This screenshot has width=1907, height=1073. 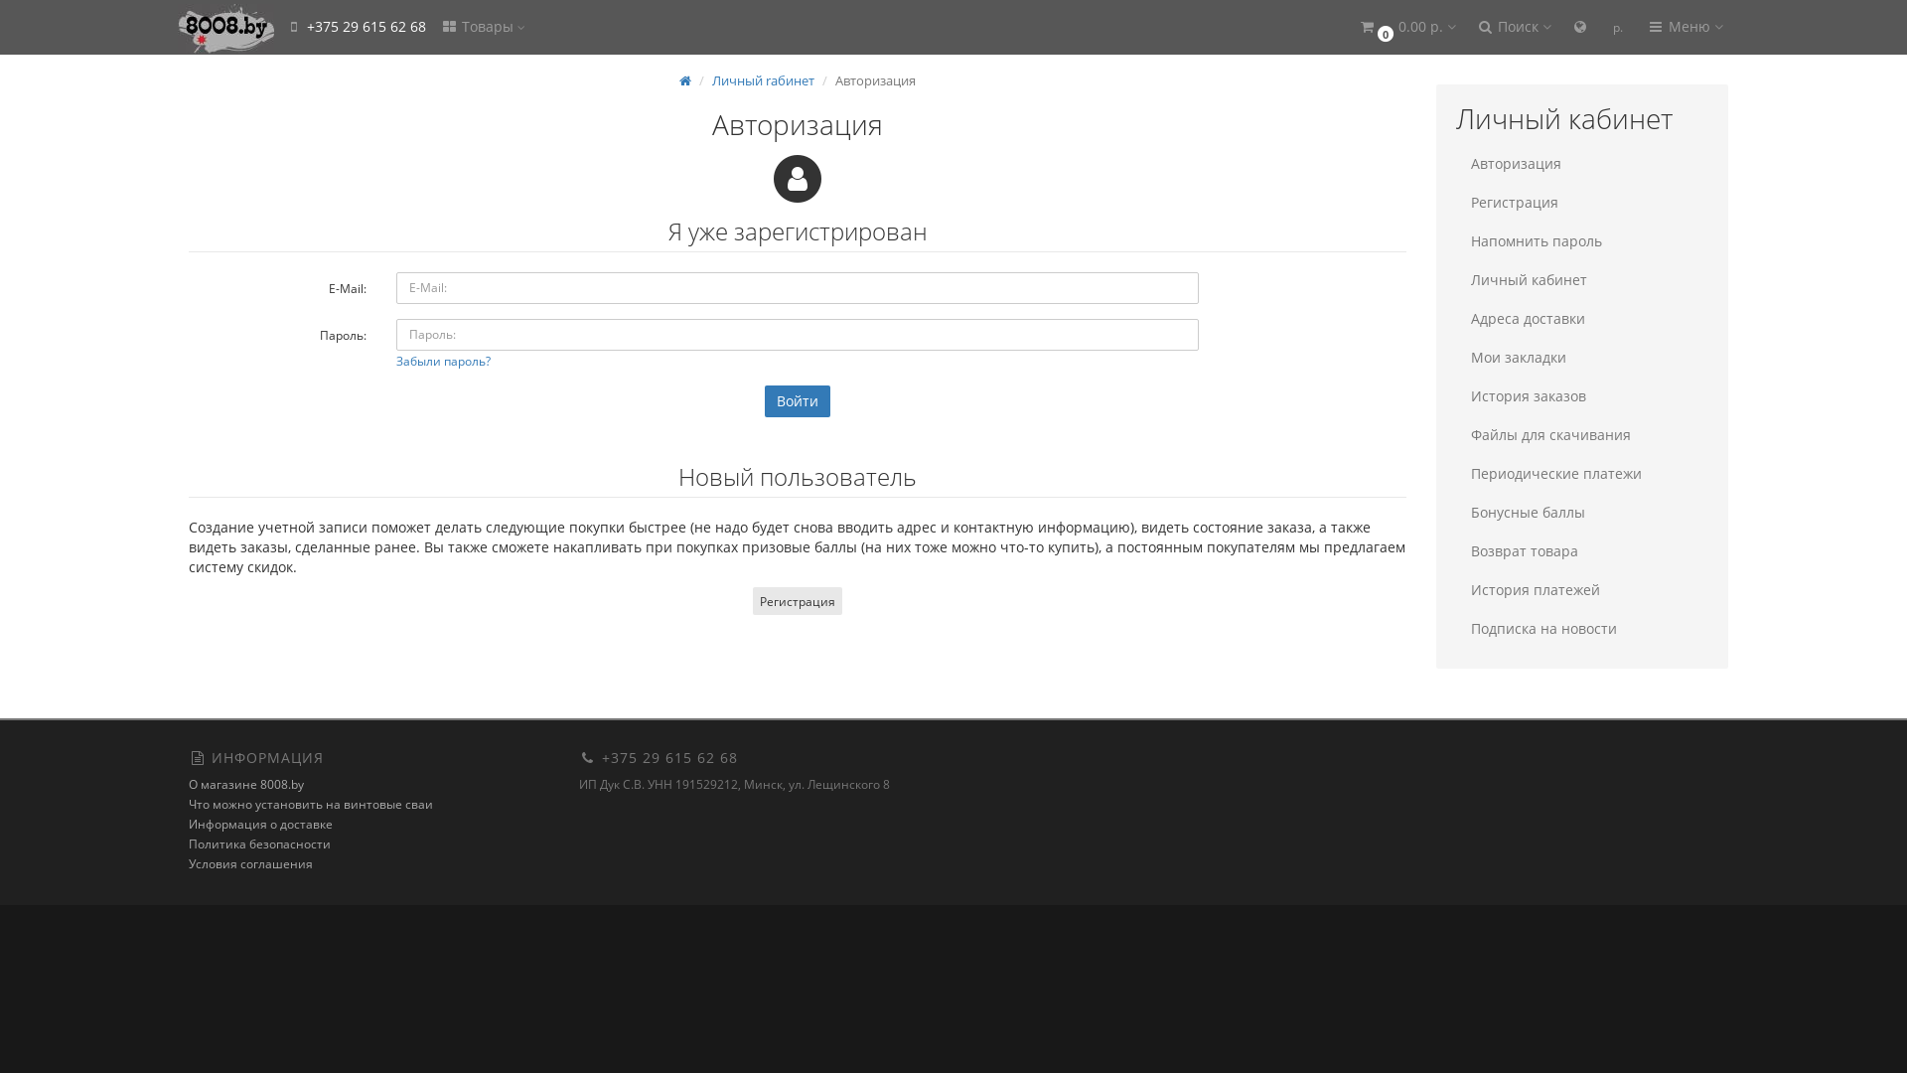 What do you see at coordinates (356, 27) in the screenshot?
I see `'+375 29 615 62 68'` at bounding box center [356, 27].